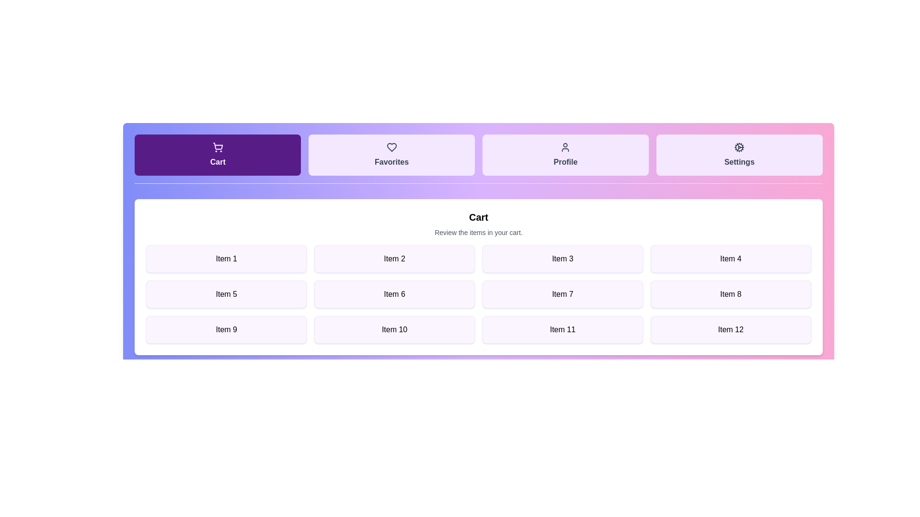 Image resolution: width=920 pixels, height=517 pixels. What do you see at coordinates (738, 155) in the screenshot?
I see `the tab labeled Settings` at bounding box center [738, 155].